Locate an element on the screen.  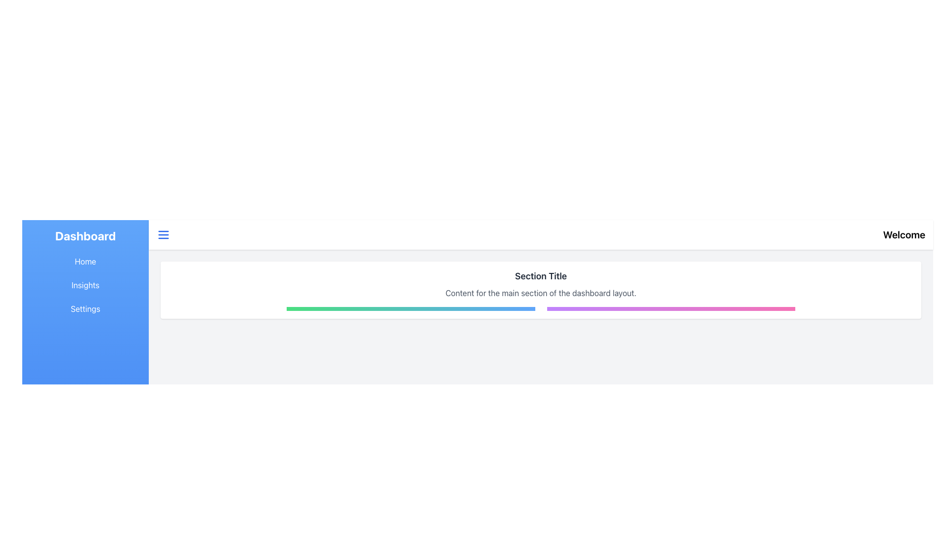
title of the text label that says 'Section Title', which is a bold, large font in dark gray, positioned at the top of a card-like section is located at coordinates (540, 276).